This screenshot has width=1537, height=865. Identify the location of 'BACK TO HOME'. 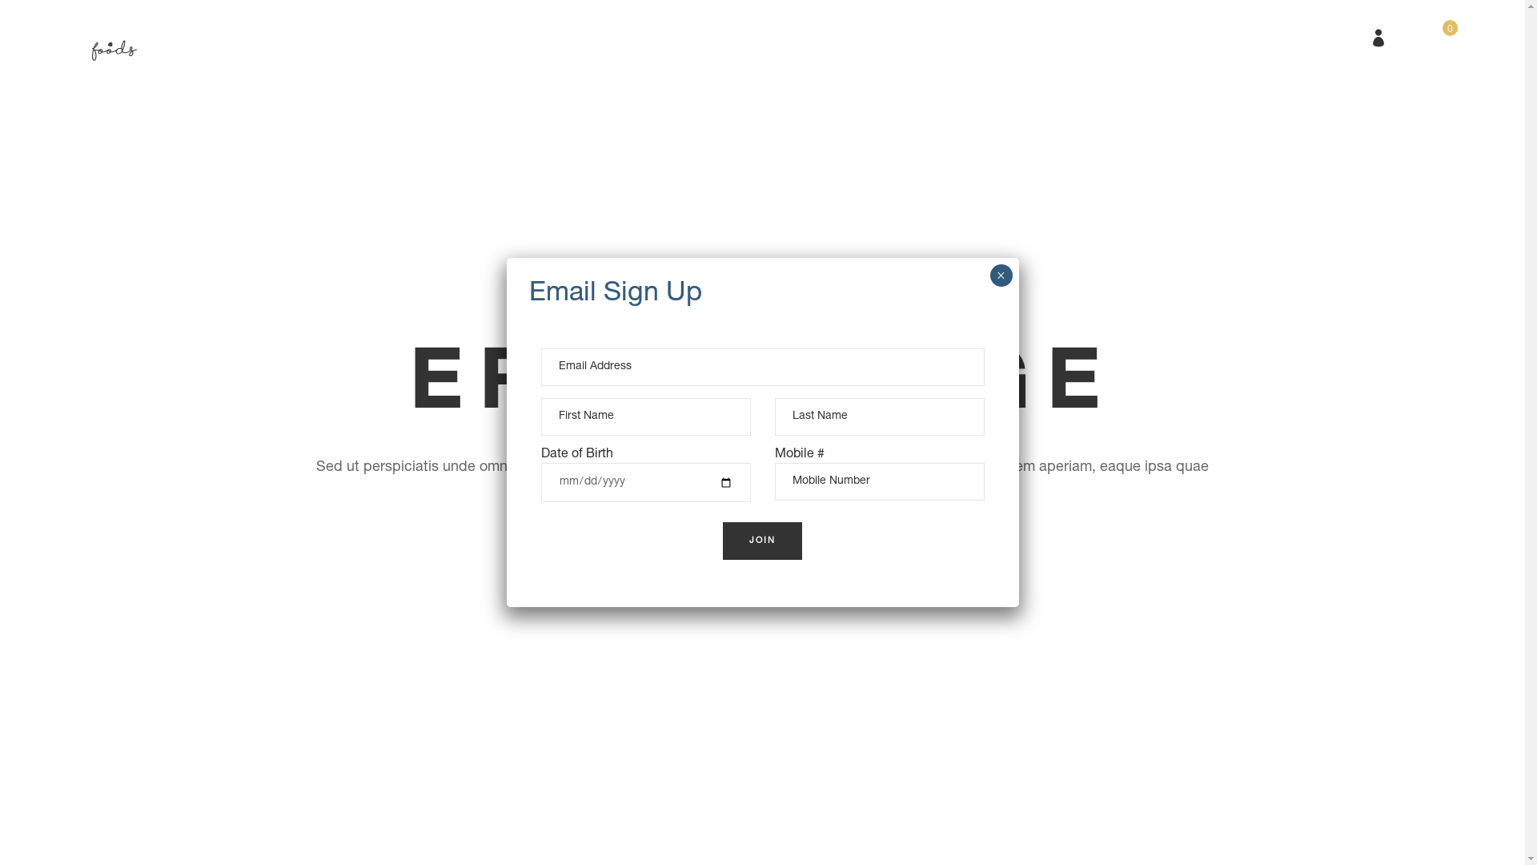
(692, 537).